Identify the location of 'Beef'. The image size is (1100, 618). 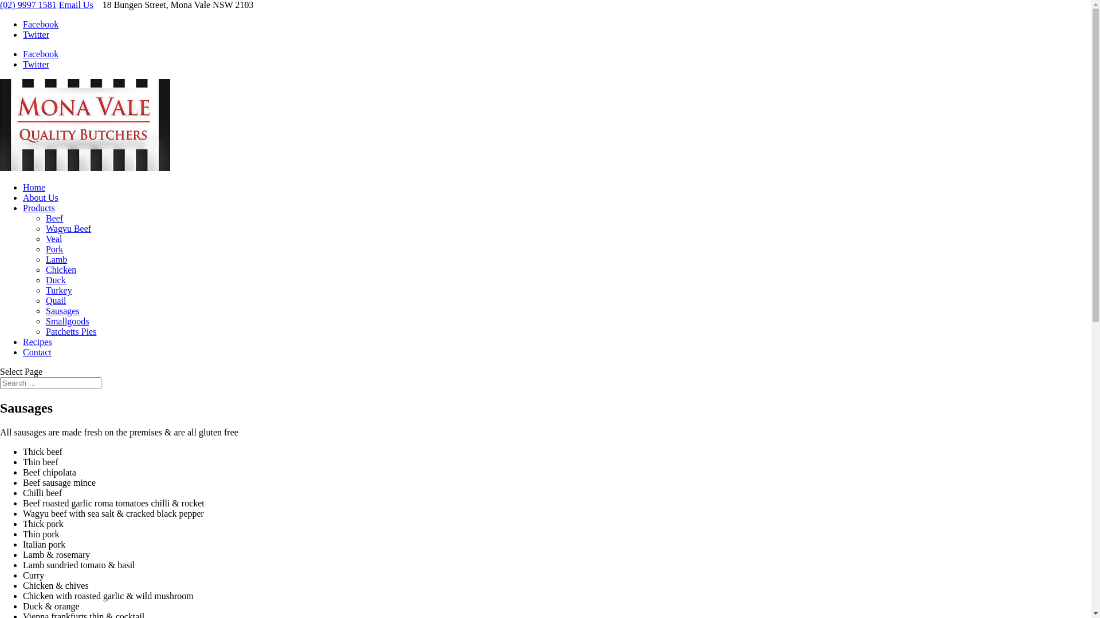
(54, 218).